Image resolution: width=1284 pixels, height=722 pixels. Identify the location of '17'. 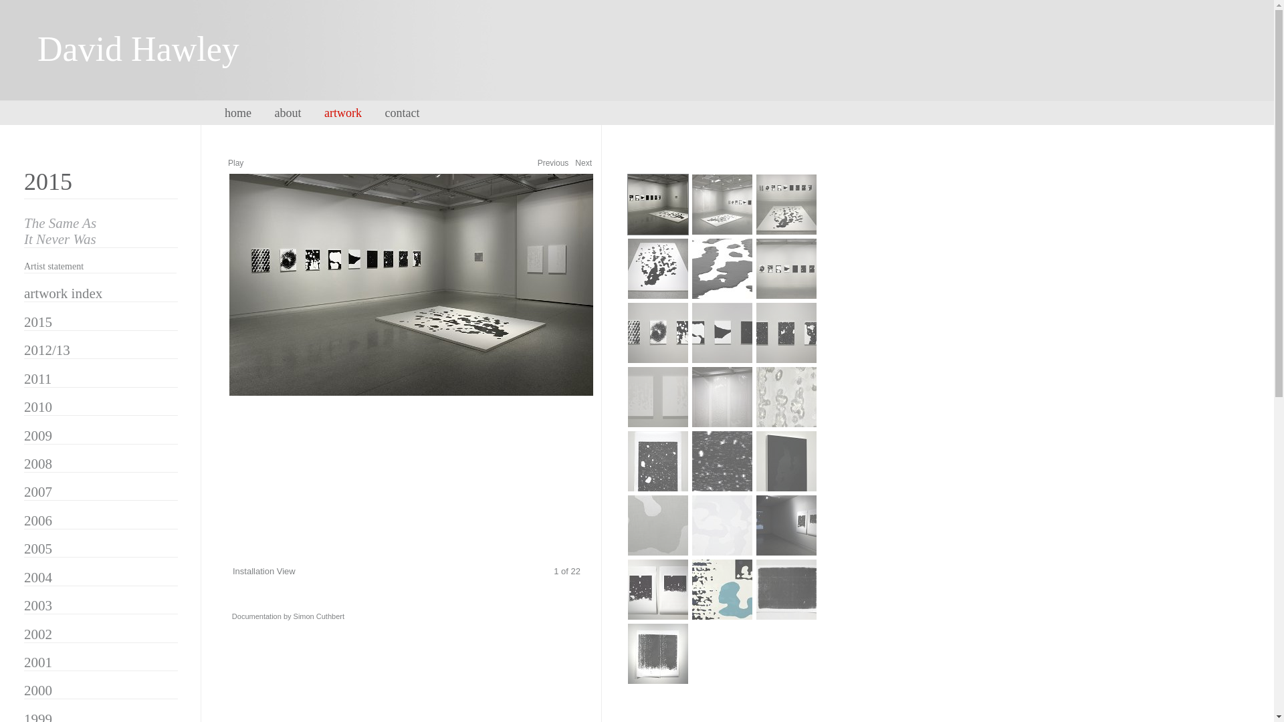
(722, 525).